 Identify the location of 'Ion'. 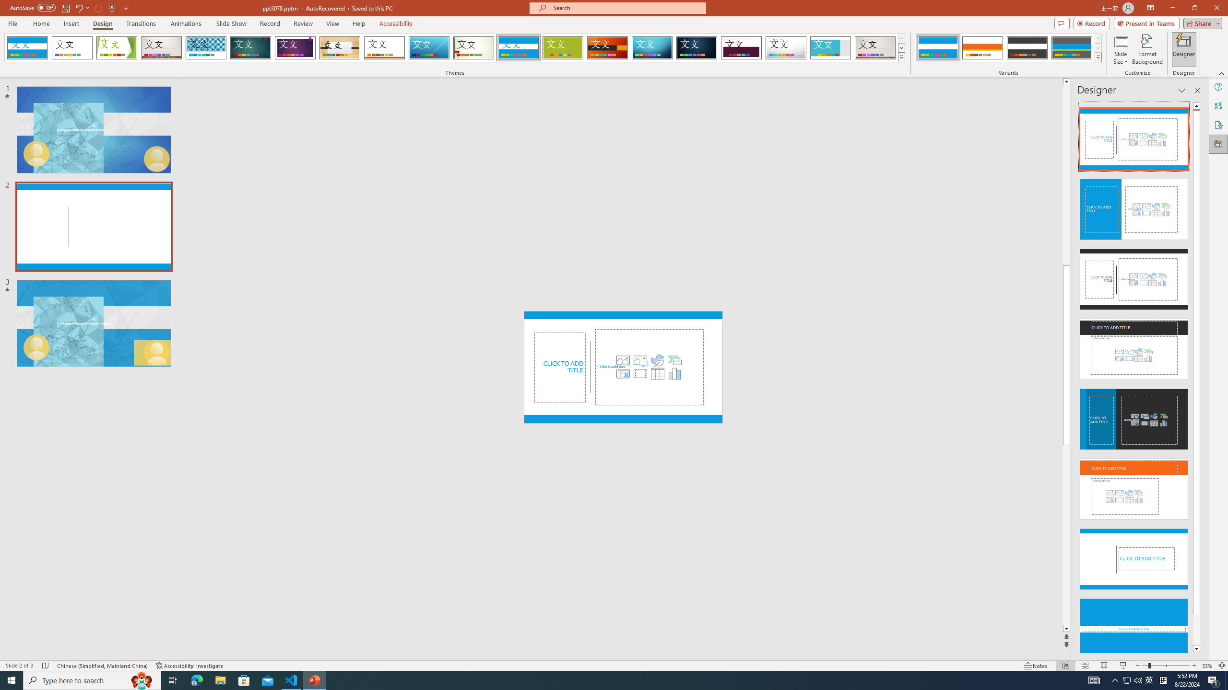
(250, 47).